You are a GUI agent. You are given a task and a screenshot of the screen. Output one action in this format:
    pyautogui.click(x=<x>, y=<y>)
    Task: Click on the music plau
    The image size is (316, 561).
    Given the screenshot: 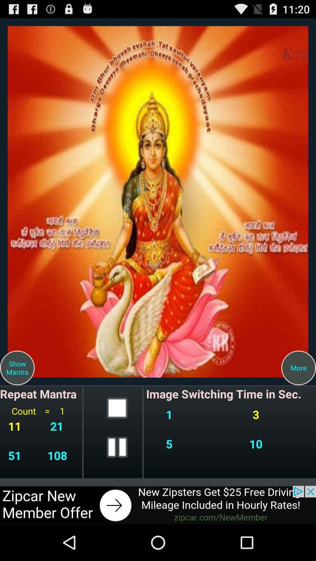 What is the action you would take?
    pyautogui.click(x=117, y=447)
    